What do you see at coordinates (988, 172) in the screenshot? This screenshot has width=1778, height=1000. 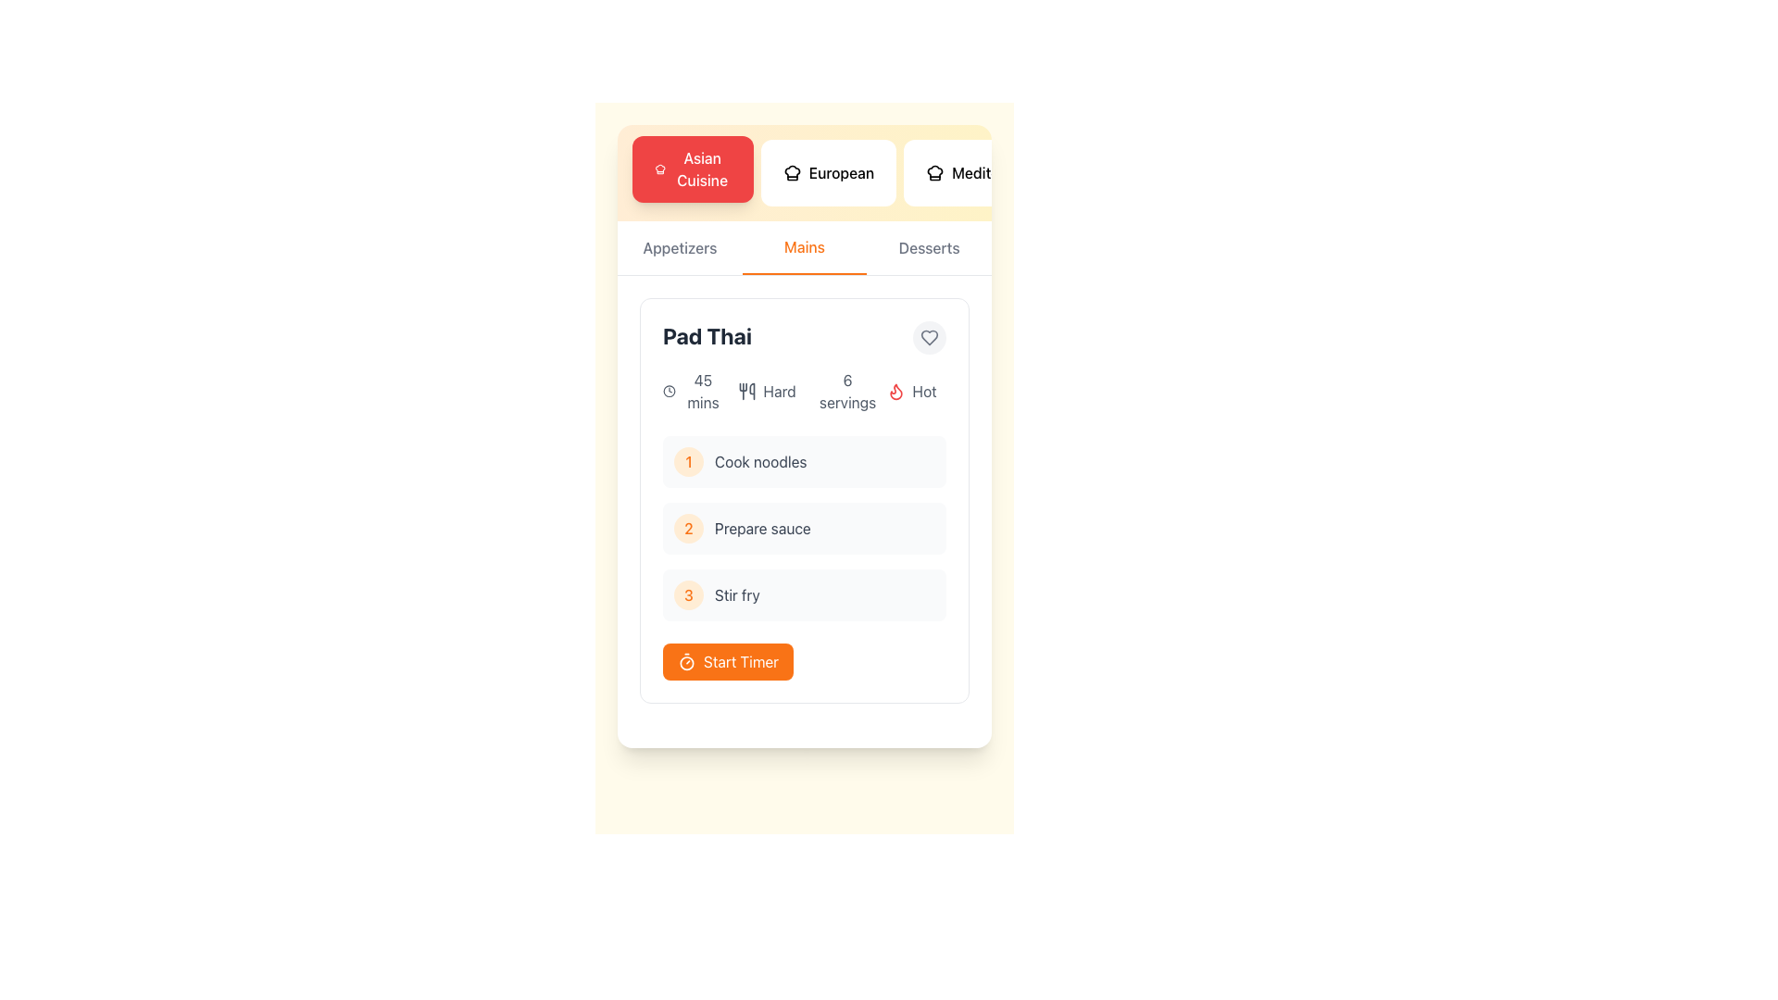 I see `the 'Mediterranean' button, which is the rightmost button in a row of three buttons (preceded by 'Asian Cuisine' and 'European')` at bounding box center [988, 172].